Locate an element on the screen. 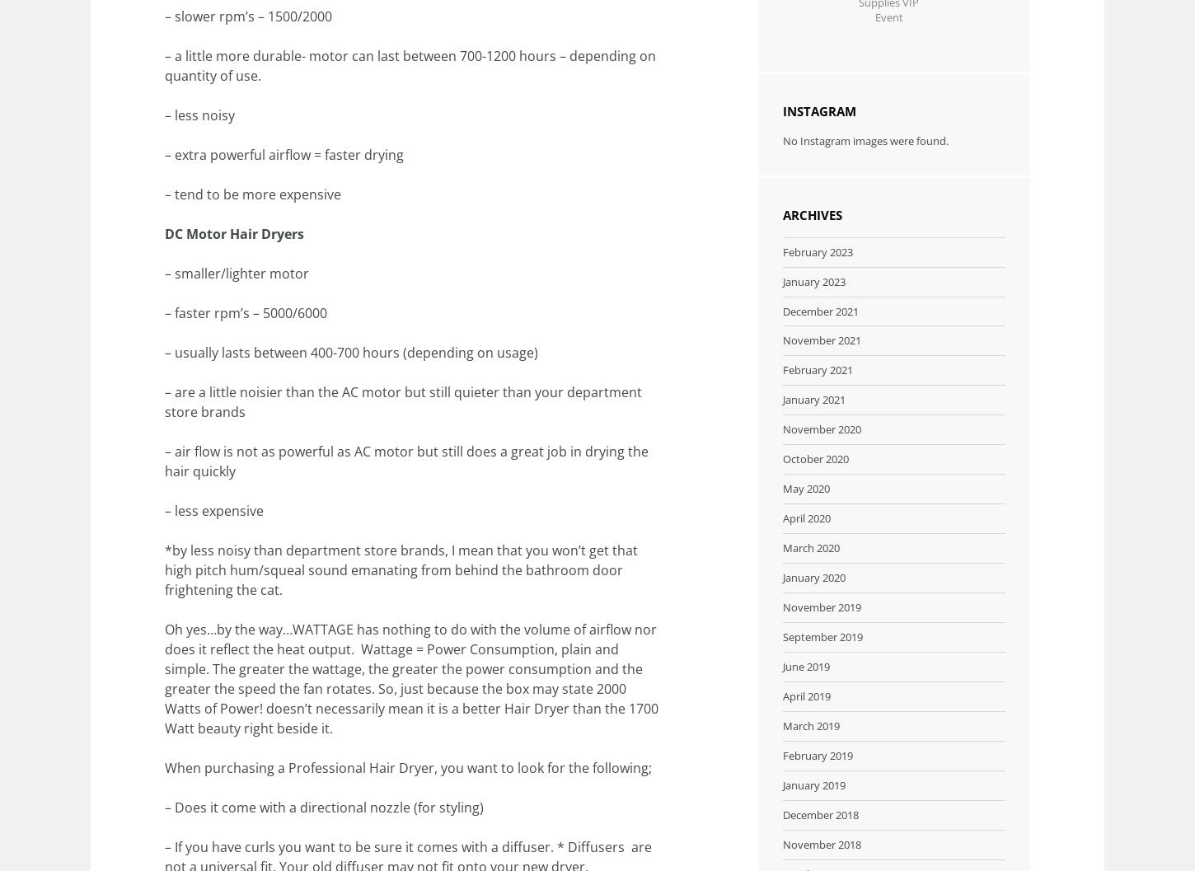 The height and width of the screenshot is (871, 1195). 'November 2019' is located at coordinates (822, 606).